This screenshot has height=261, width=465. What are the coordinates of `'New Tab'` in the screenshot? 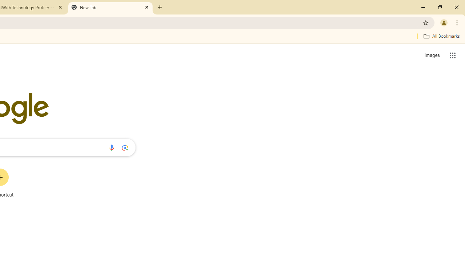 It's located at (110, 7).